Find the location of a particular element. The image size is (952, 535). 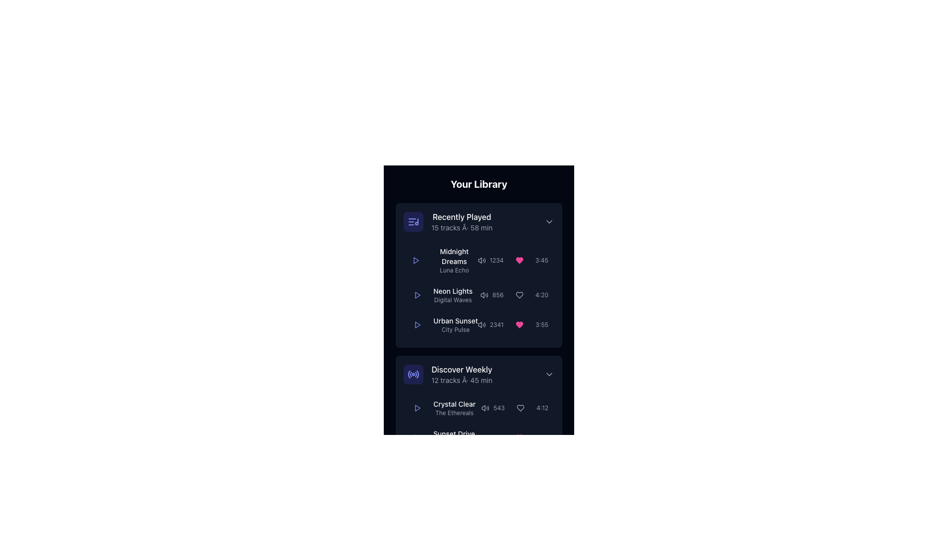

the play button on the third song entry in the 'Recently Played' section of the playlist is located at coordinates (478, 324).